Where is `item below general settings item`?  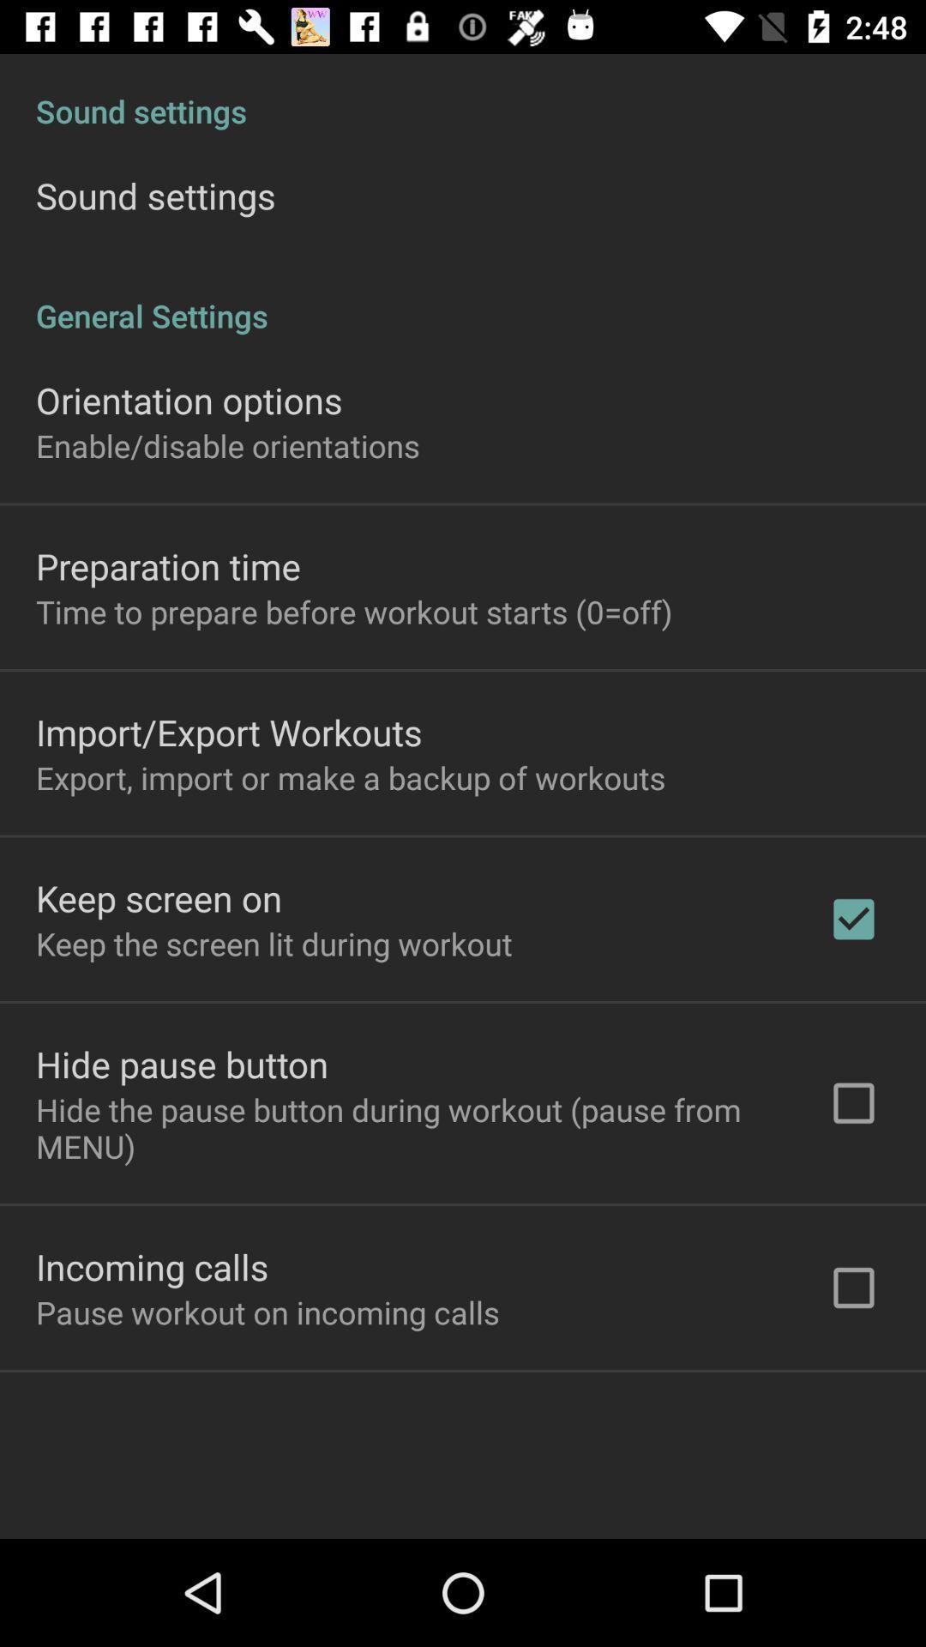
item below general settings item is located at coordinates (189, 399).